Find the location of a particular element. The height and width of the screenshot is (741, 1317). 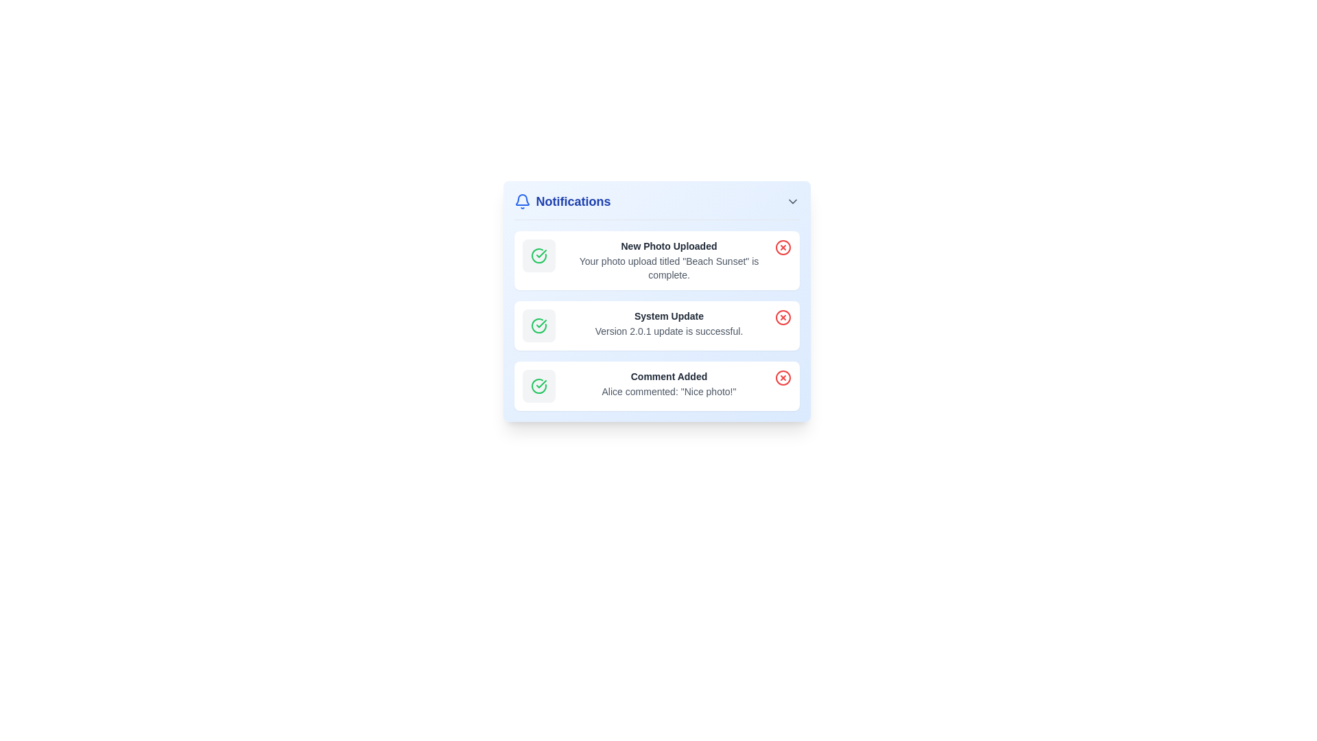

the circular graphic with a red border located within the close or delete icon in the topmost row of notifications, adjacent to the 'New Photo Uploaded' text is located at coordinates (783, 248).